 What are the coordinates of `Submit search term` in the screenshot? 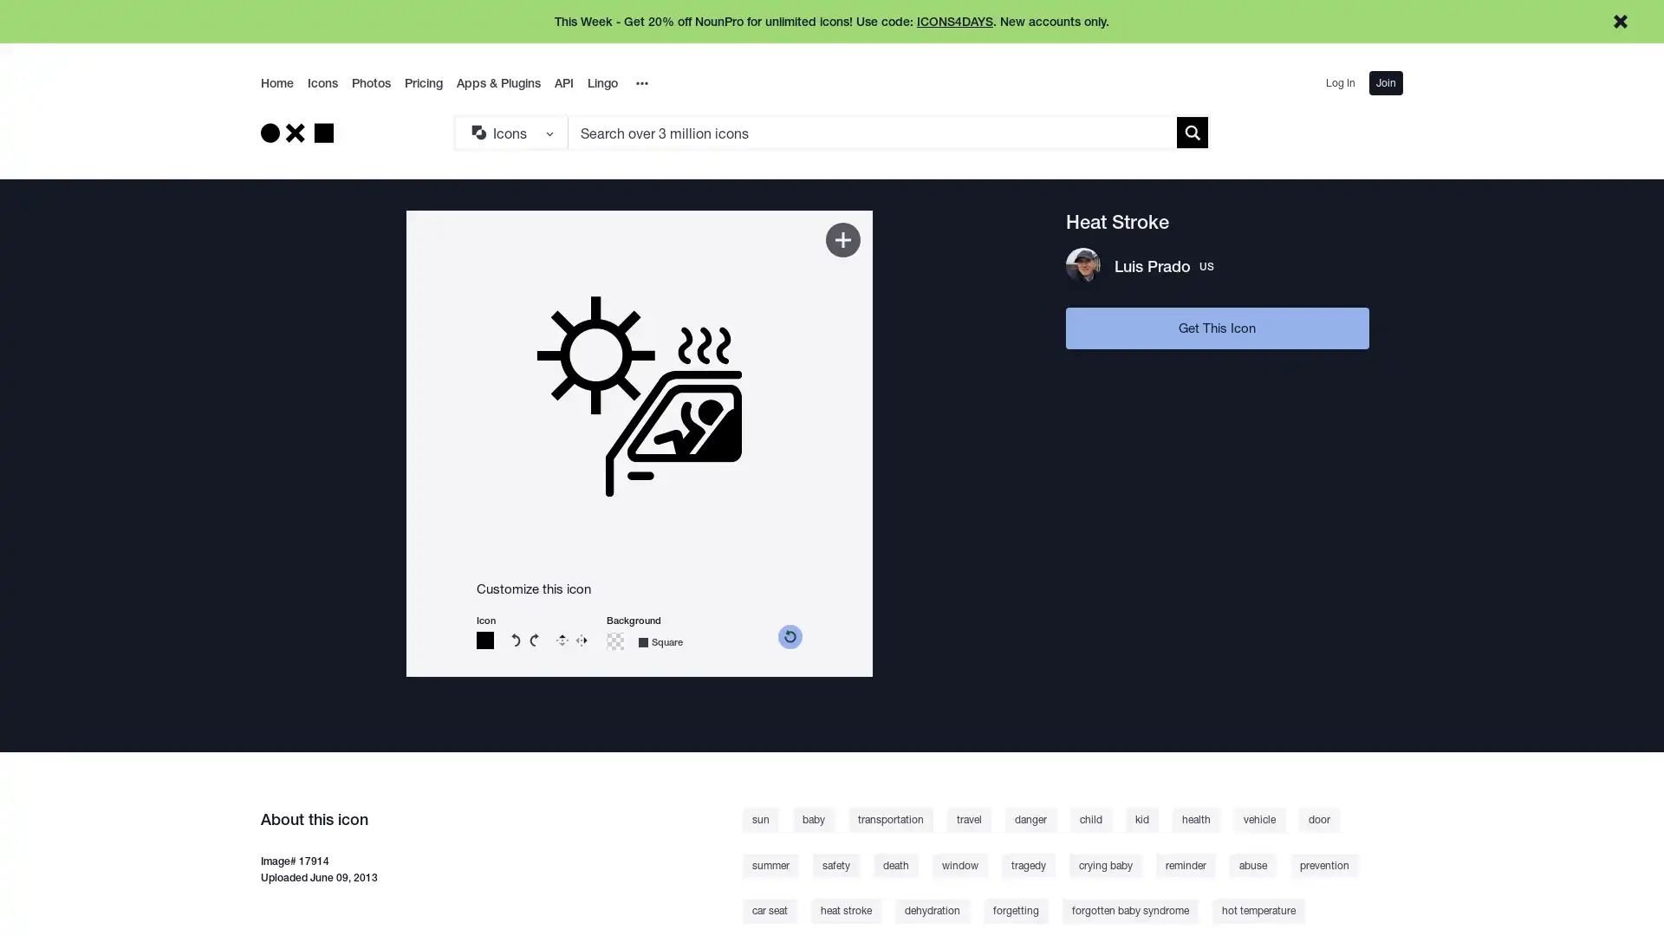 It's located at (1190, 132).